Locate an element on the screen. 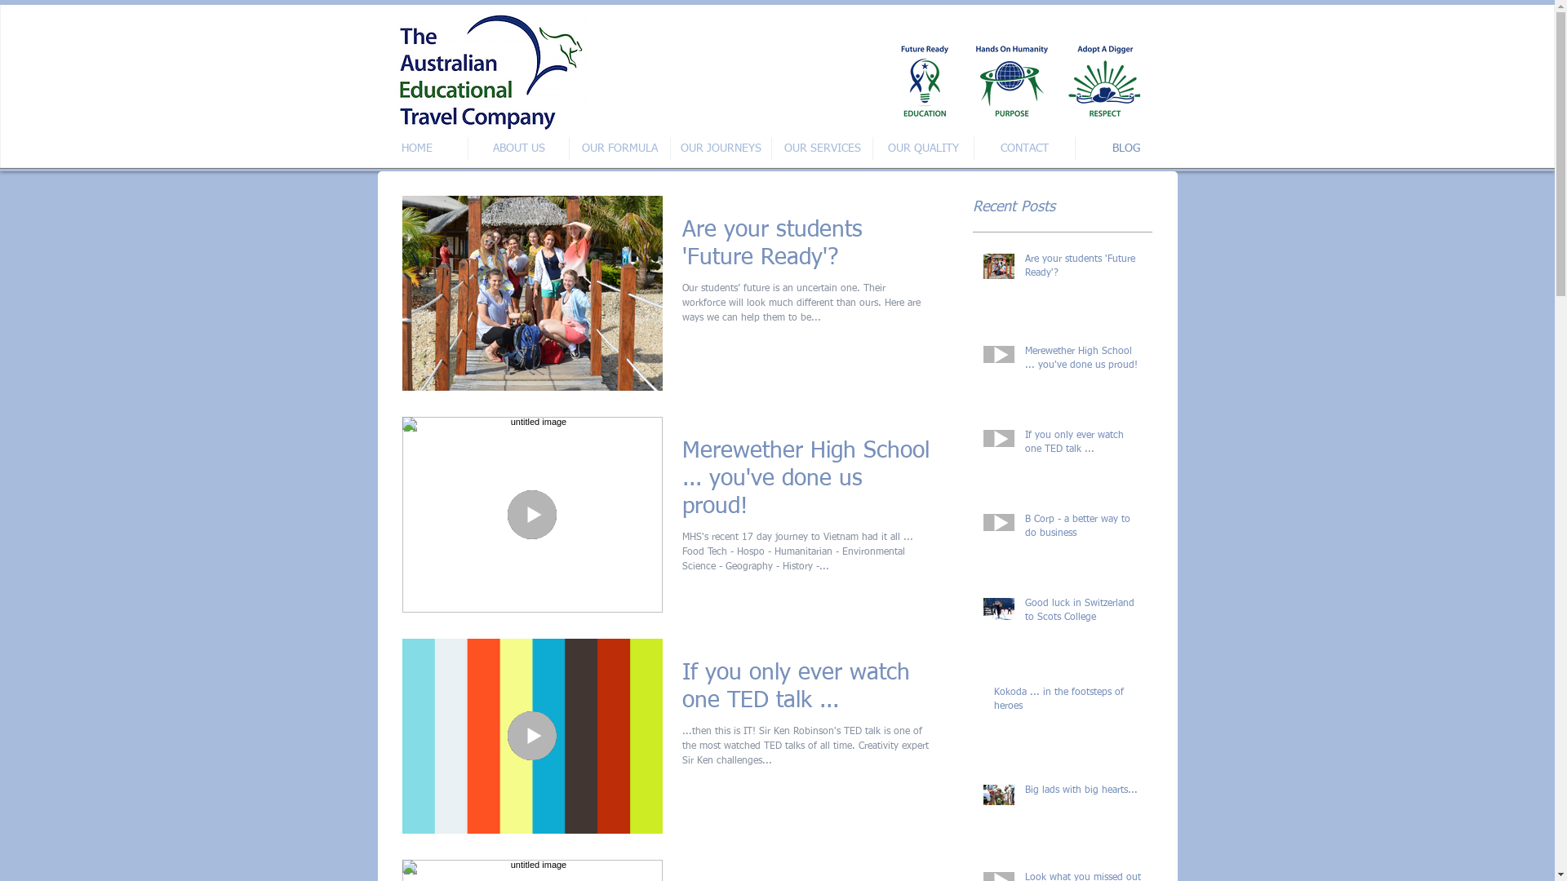  'OUR QUALITY' is located at coordinates (923, 148).